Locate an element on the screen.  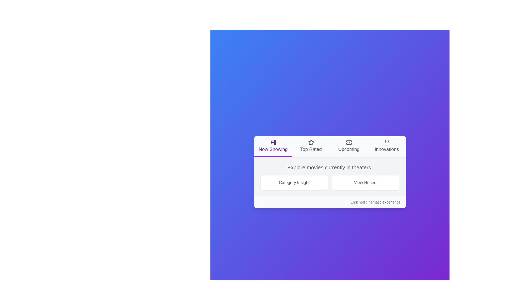
the text label that reads 'Explore movies currently in theaters.' located at the top-middle section of the panel, above the buttons 'Category Insight' and 'View Recent.' is located at coordinates (330, 167).